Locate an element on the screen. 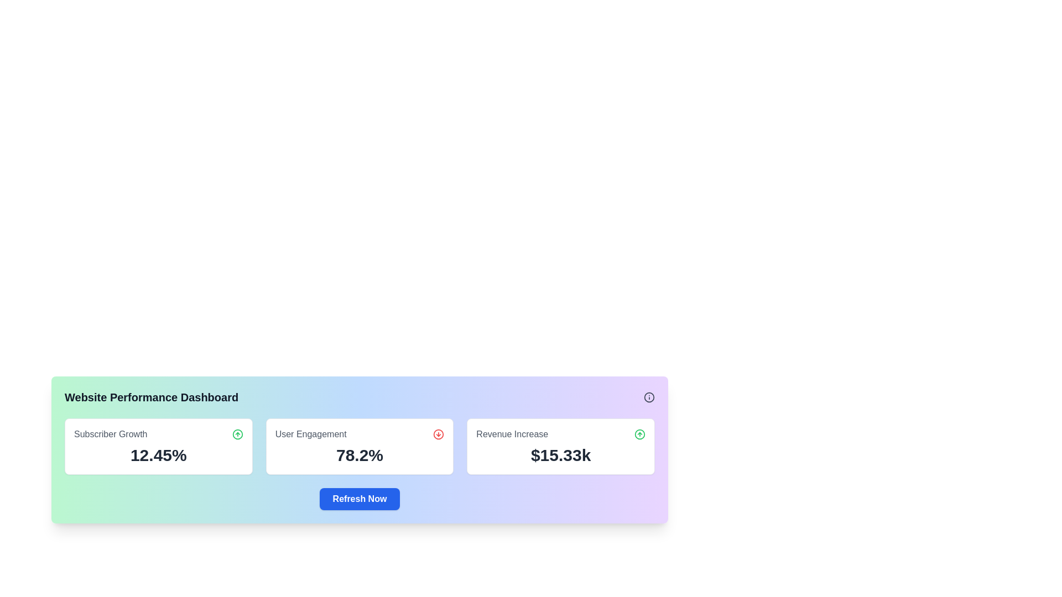  the metric displayed as '$15.33k' in bold typeface within the 'Revenue Increase' card, located in the bottom-right corner of the dashboard is located at coordinates (561, 455).